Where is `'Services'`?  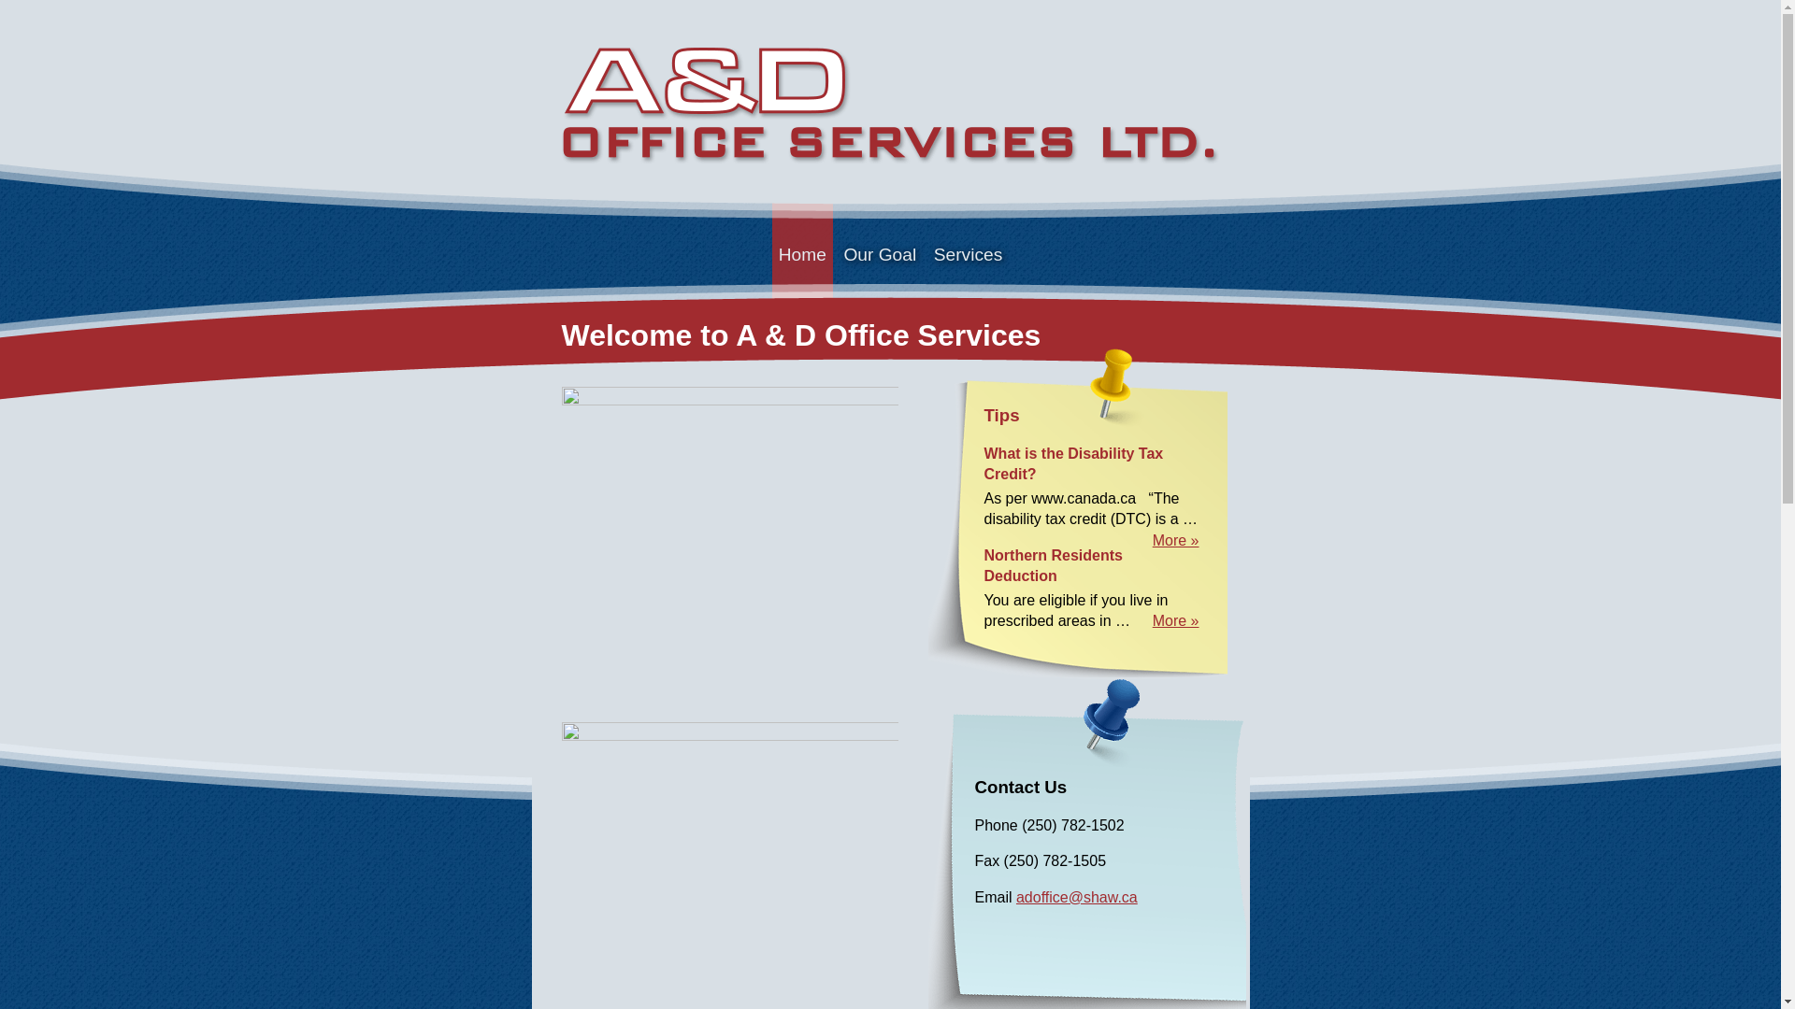 'Services' is located at coordinates (969, 255).